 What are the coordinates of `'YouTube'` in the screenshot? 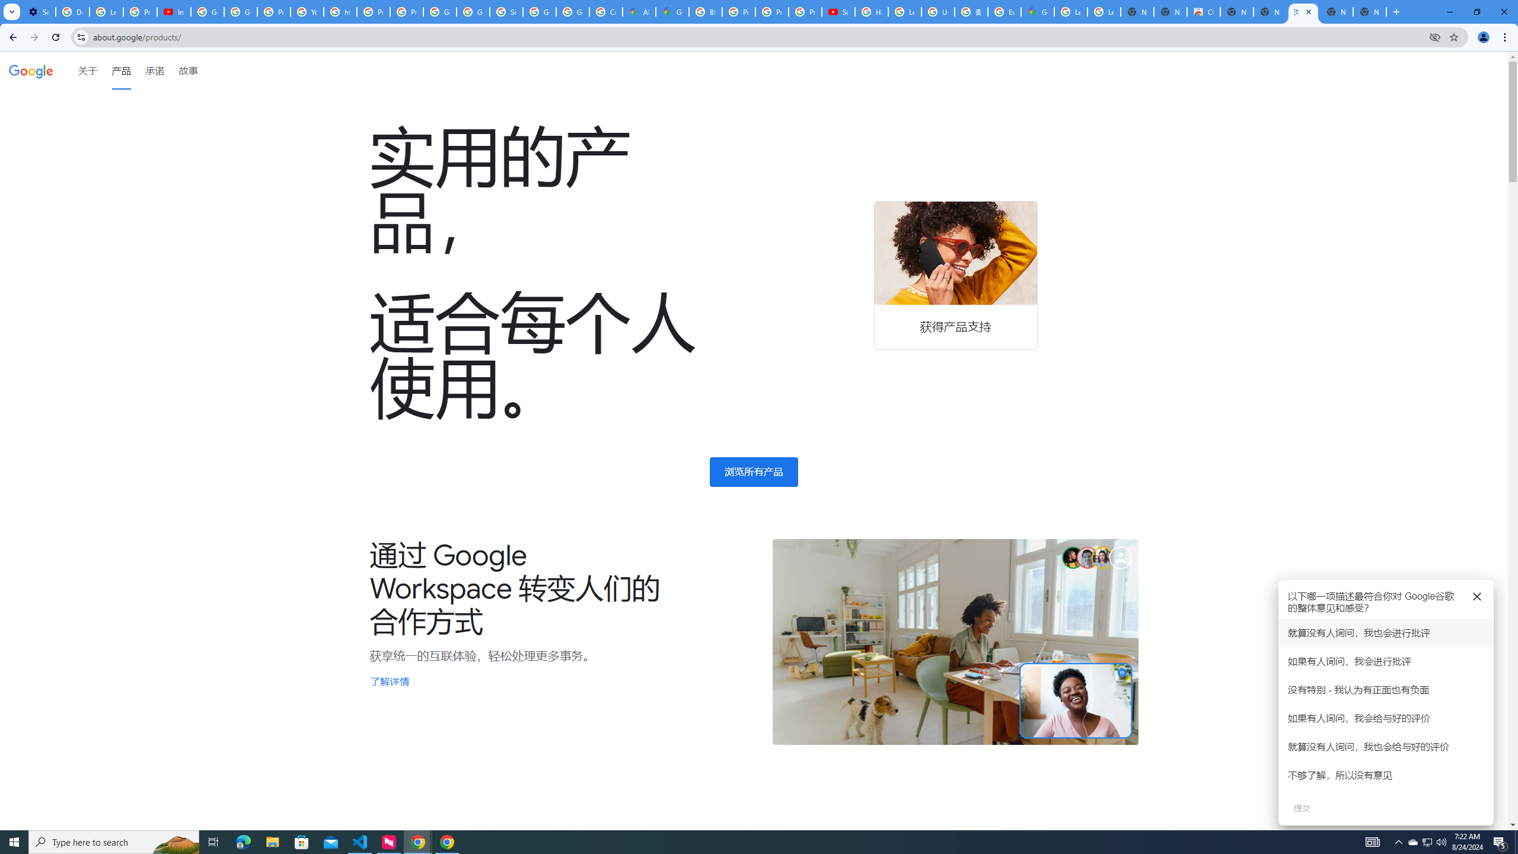 It's located at (307, 11).